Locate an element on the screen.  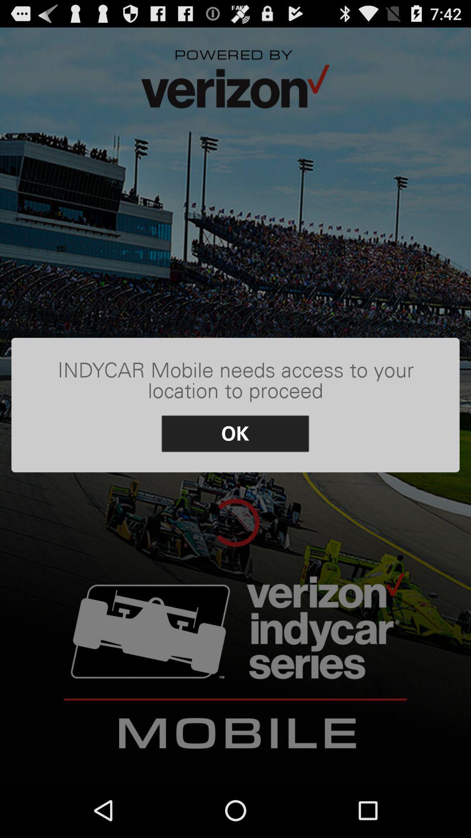
the item below indycar mobile needs is located at coordinates (235, 433).